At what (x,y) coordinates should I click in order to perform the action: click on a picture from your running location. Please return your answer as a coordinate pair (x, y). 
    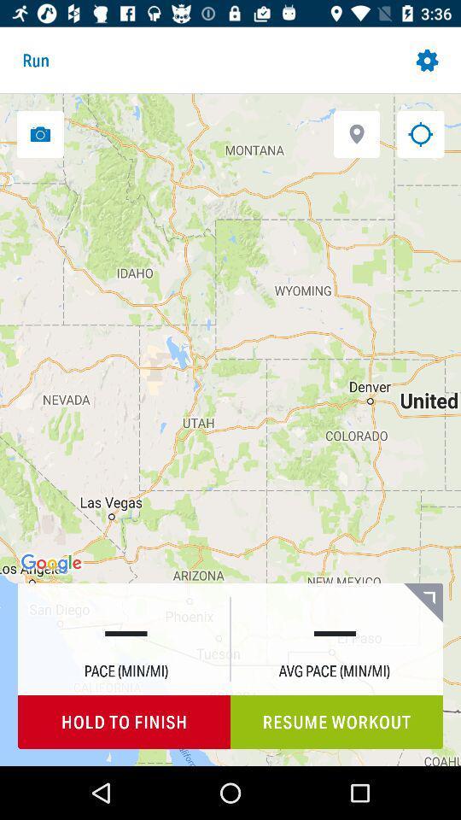
    Looking at the image, I should click on (40, 133).